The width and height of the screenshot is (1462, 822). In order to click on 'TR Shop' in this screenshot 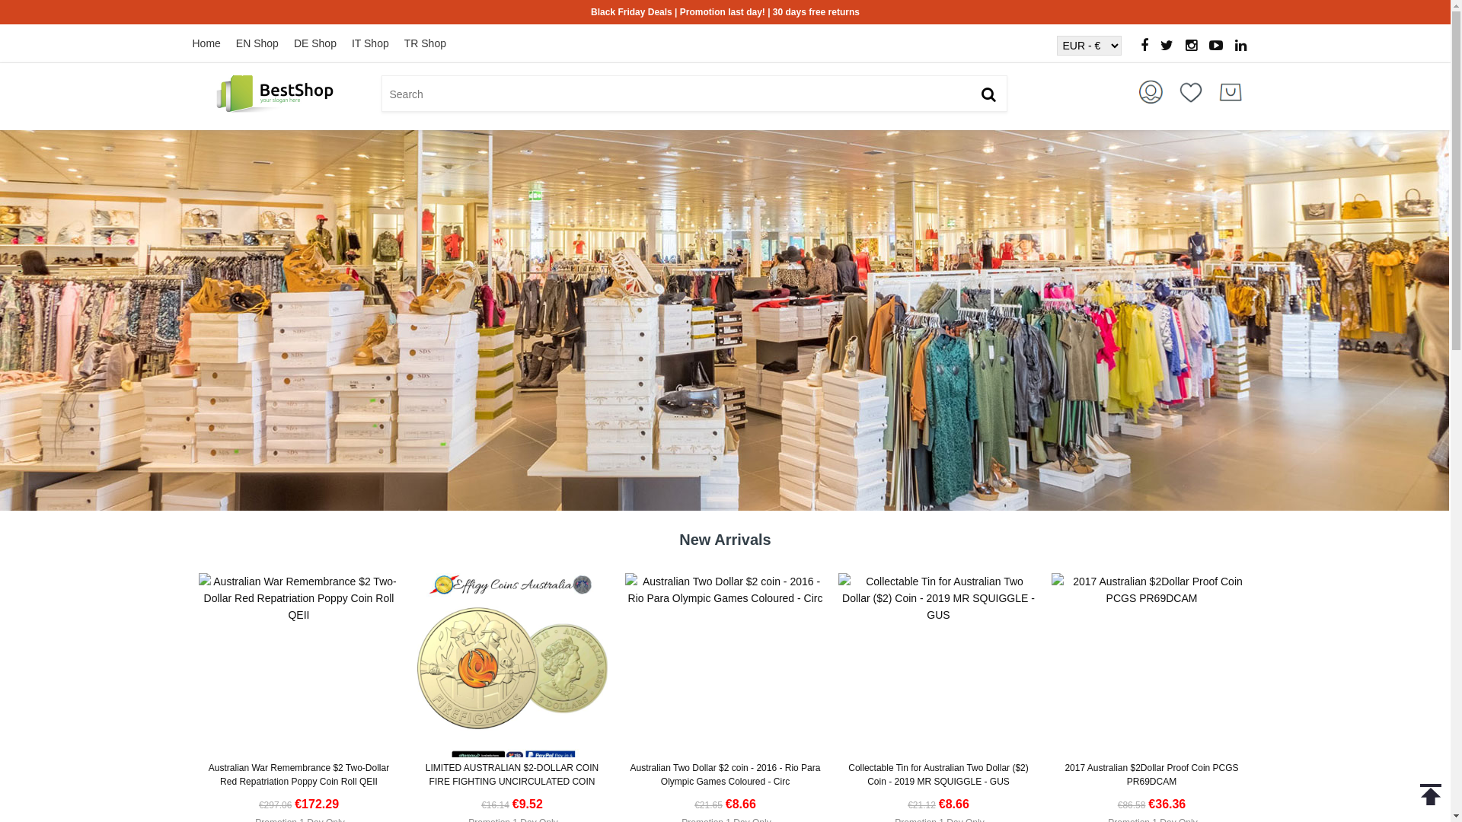, I will do `click(432, 43)`.